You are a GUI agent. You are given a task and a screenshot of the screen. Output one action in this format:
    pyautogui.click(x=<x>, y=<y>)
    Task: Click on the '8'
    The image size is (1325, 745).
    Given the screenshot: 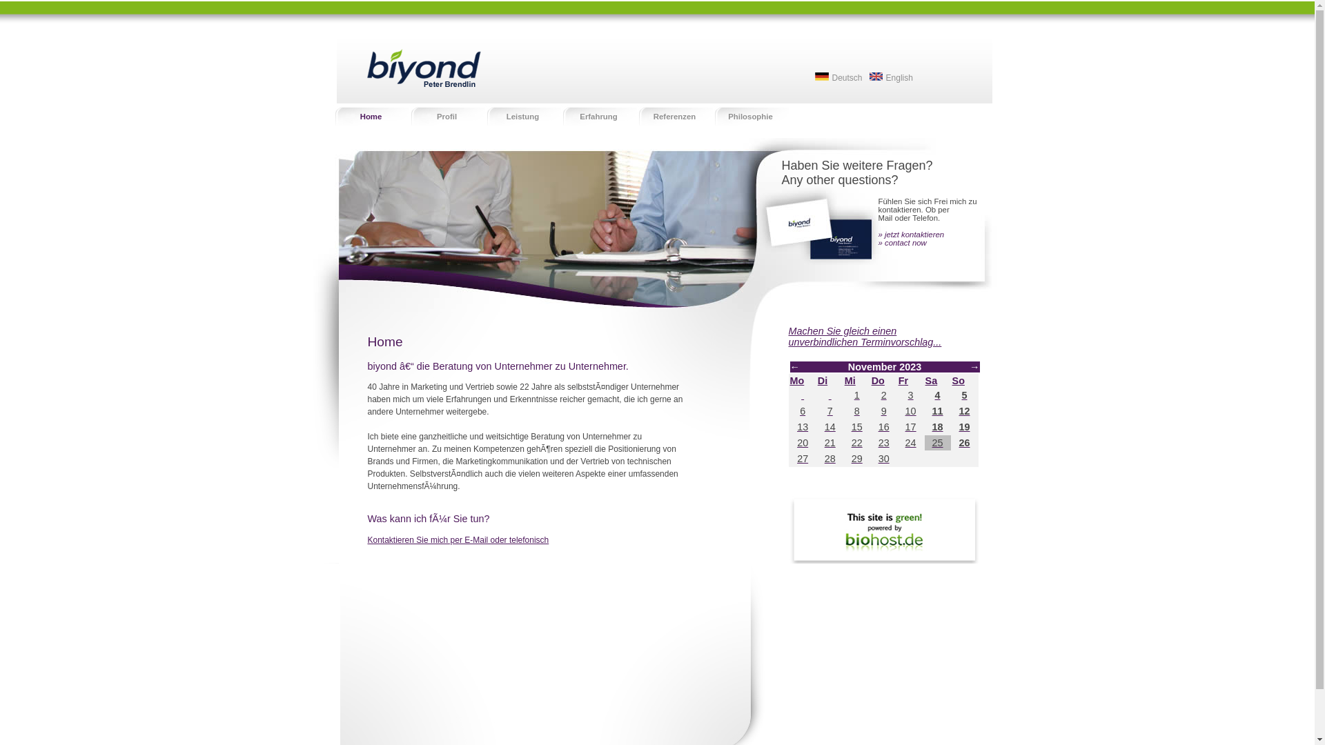 What is the action you would take?
    pyautogui.click(x=856, y=410)
    